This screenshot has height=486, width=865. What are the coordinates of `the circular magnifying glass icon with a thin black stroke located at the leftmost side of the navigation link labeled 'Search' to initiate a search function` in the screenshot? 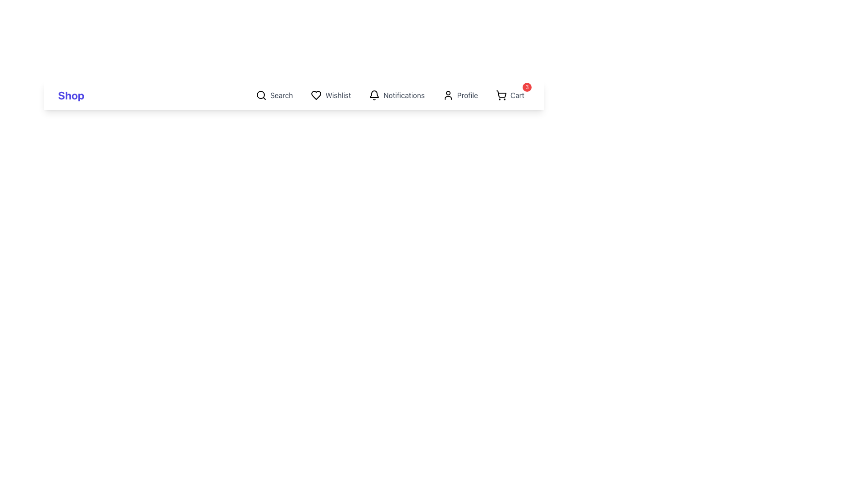 It's located at (260, 95).